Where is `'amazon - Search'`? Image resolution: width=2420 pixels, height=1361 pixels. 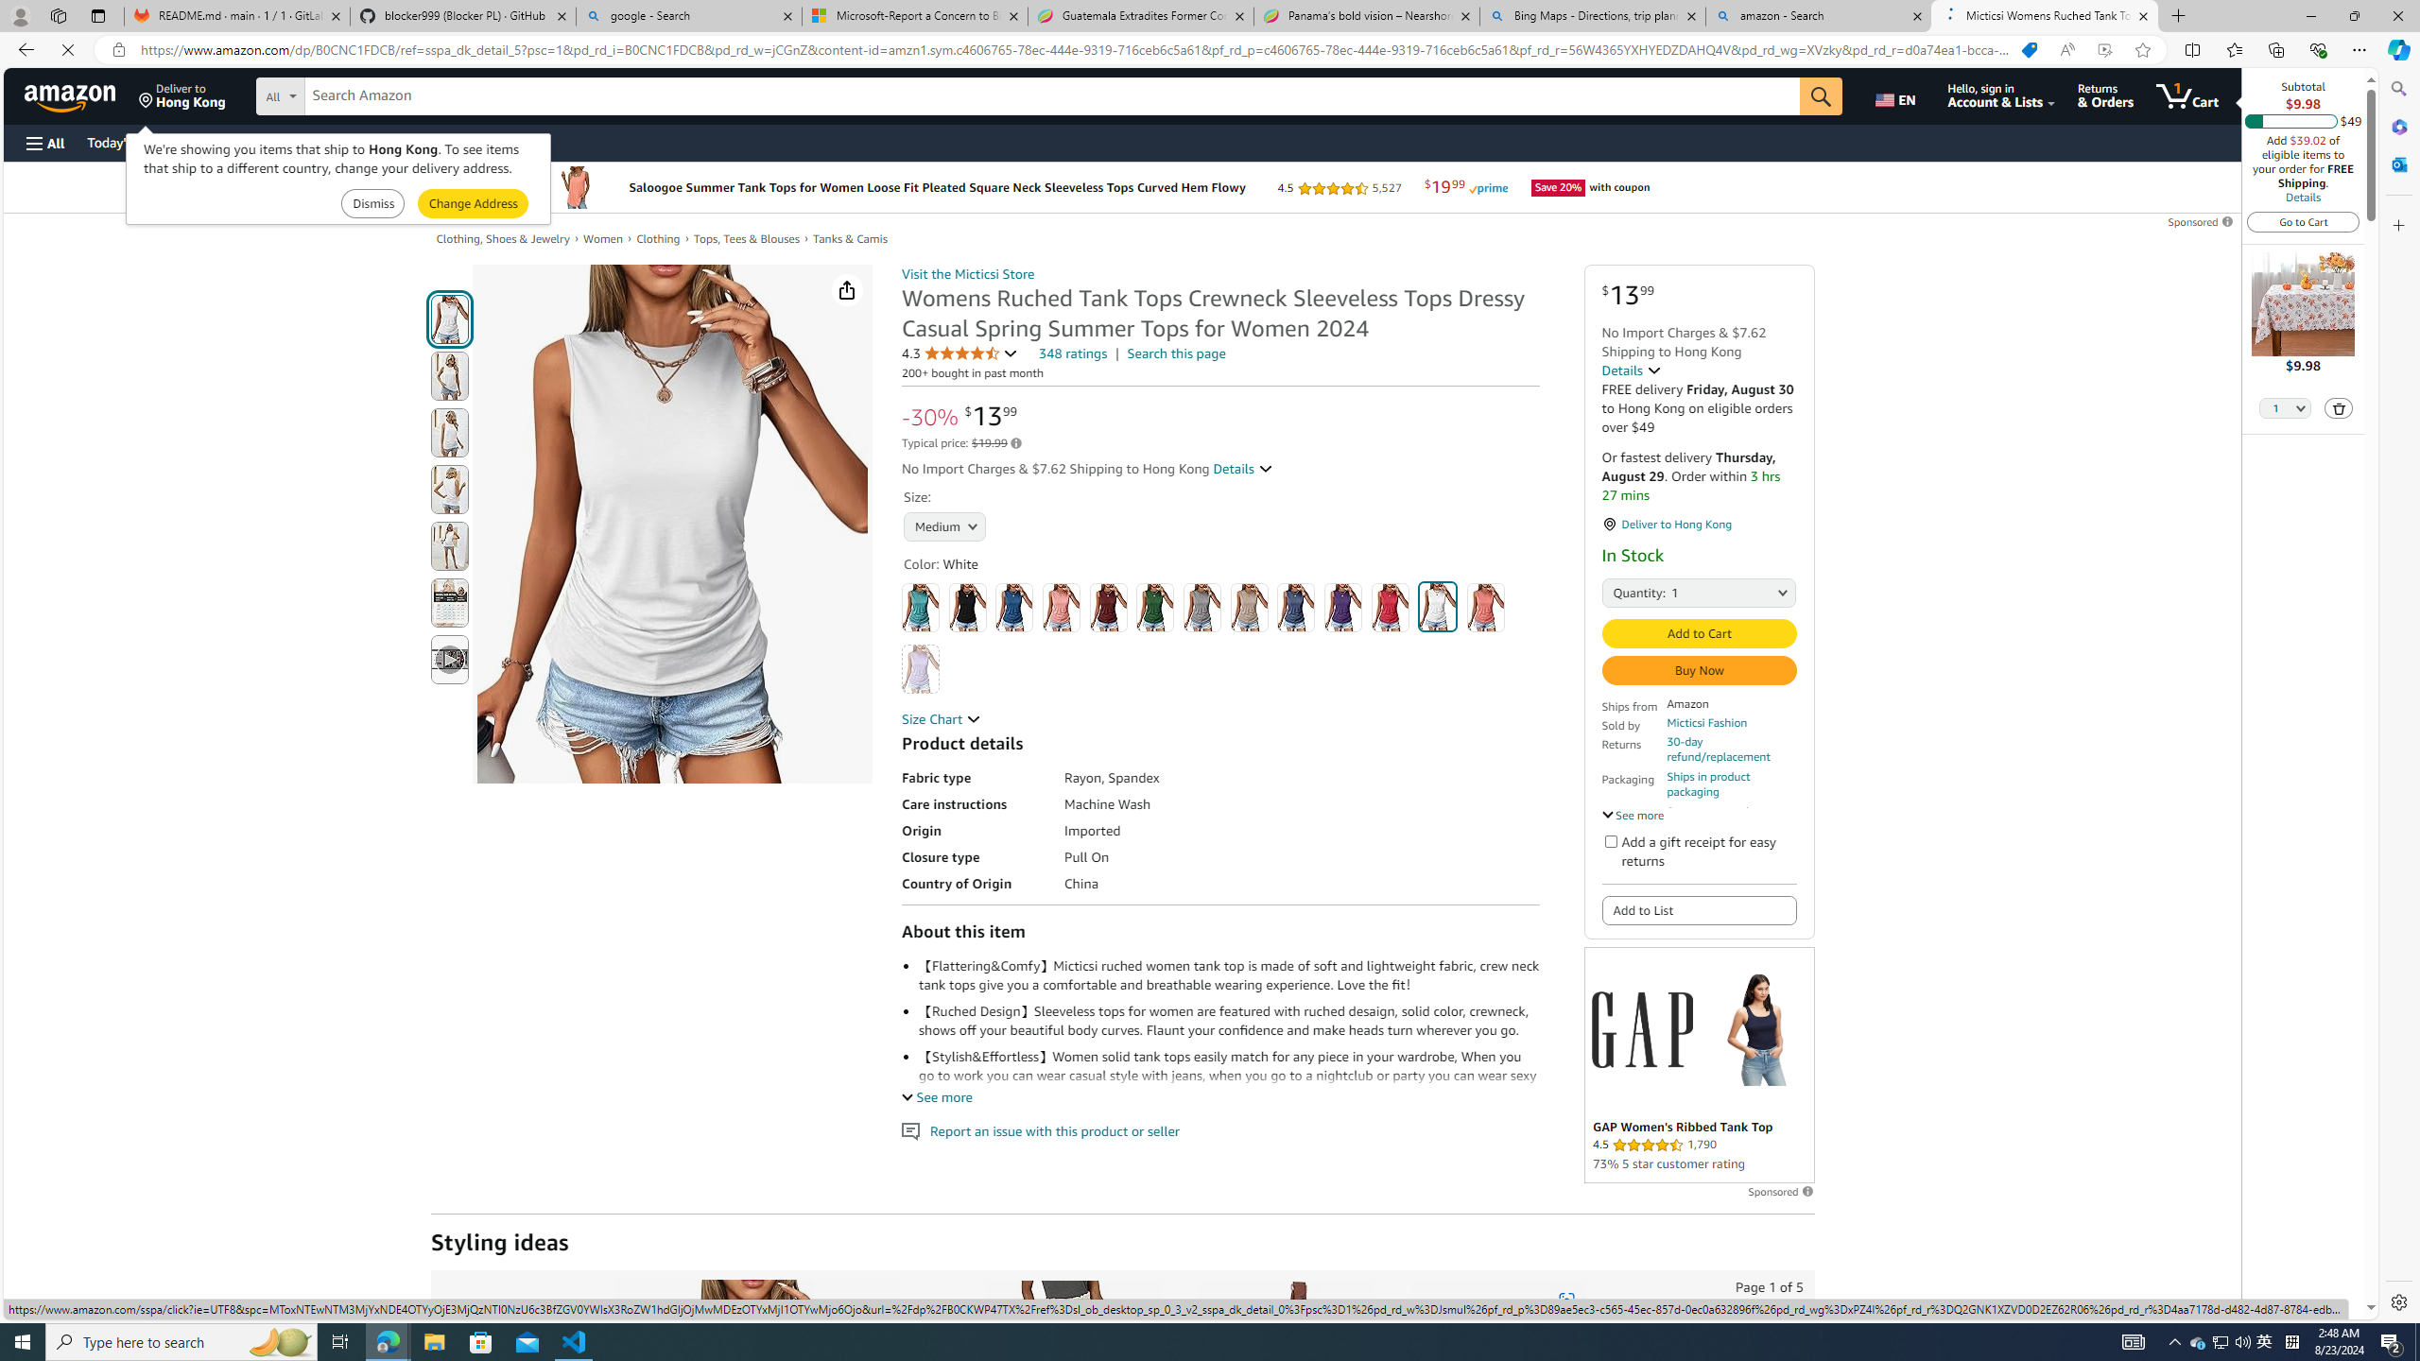
'amazon - Search' is located at coordinates (1819, 15).